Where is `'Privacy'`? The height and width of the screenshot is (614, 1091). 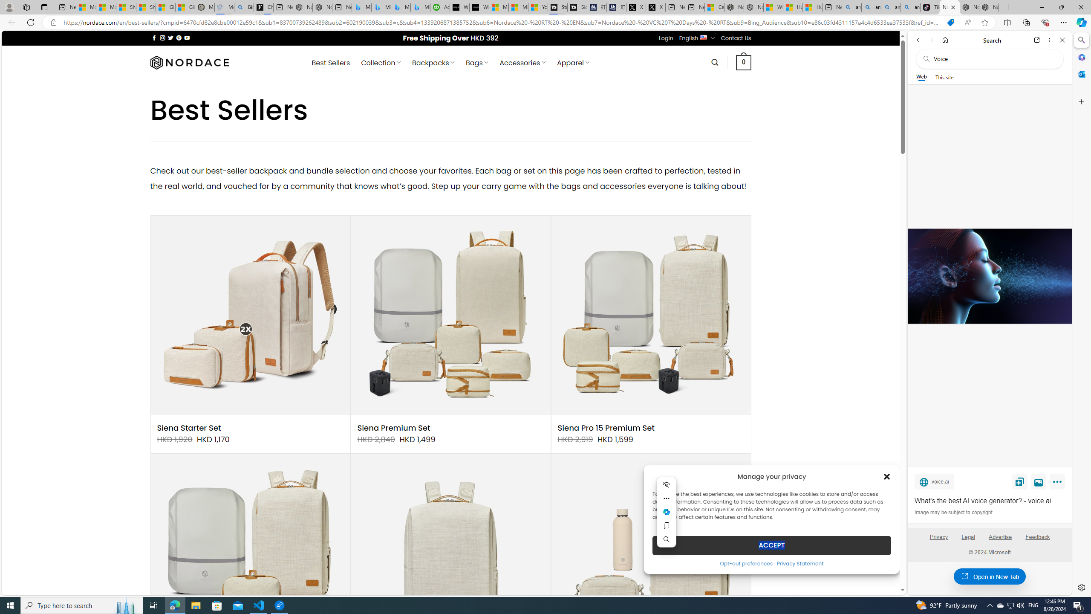 'Privacy' is located at coordinates (938, 537).